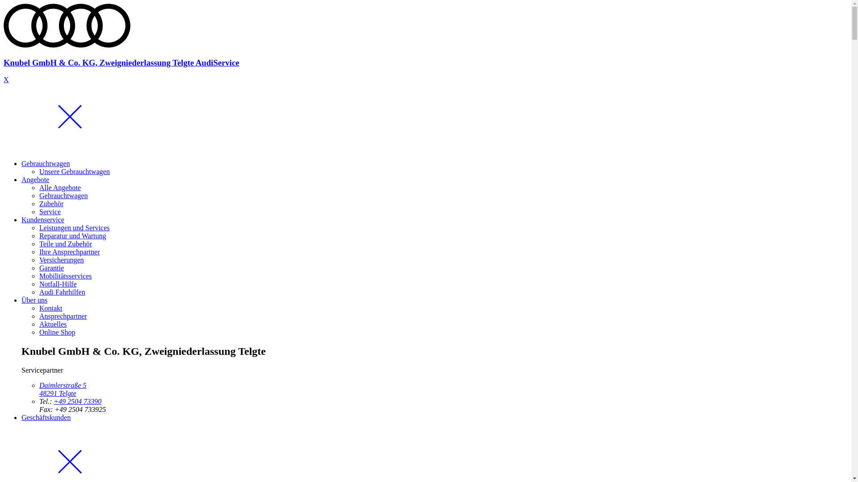 This screenshot has height=482, width=858. What do you see at coordinates (59, 187) in the screenshot?
I see `'Alle Angebote'` at bounding box center [59, 187].